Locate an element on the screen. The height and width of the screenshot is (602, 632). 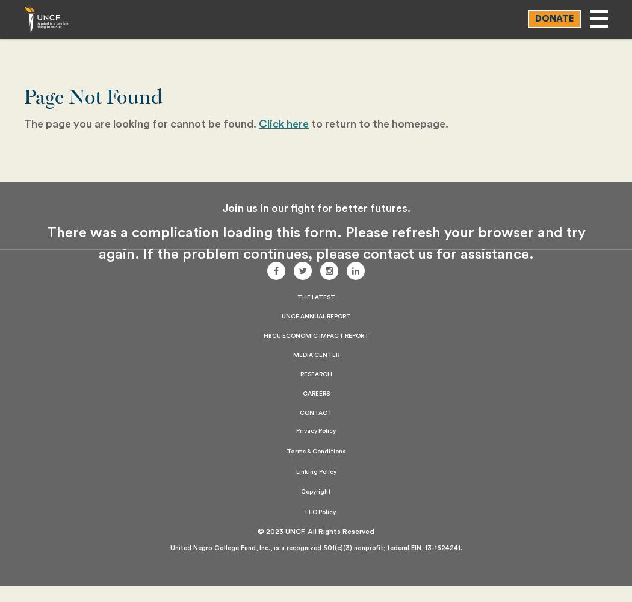
'The Latest' is located at coordinates (315, 297).